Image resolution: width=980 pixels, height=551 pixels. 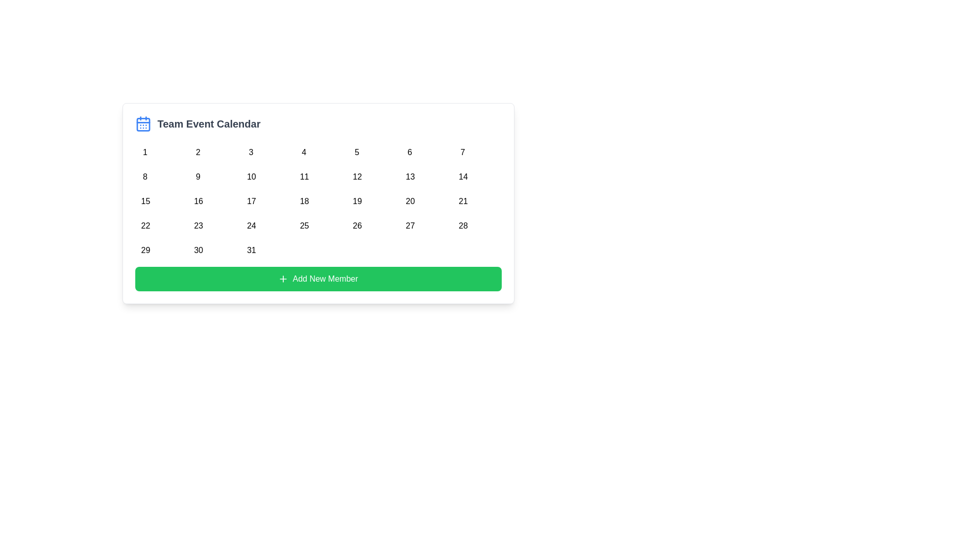 I want to click on the circular button displaying the number '25', so click(x=303, y=223).